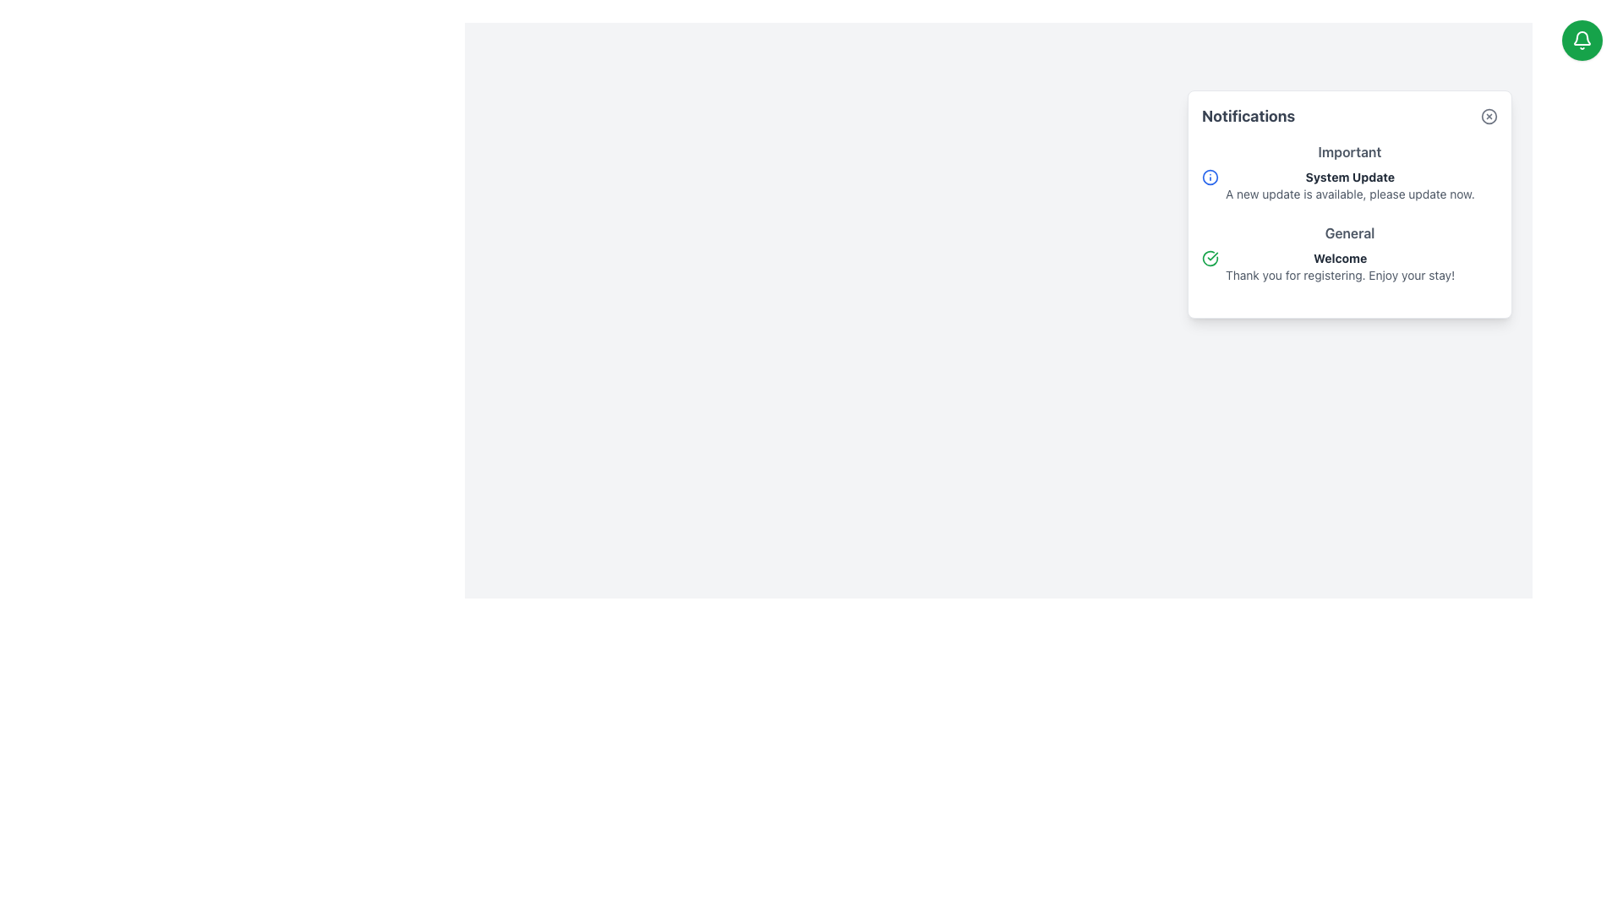  What do you see at coordinates (1339, 258) in the screenshot?
I see `the 'Welcome' text label located in the 'General' section of the notification card, which is styled in bold, small dark gray font and positioned above the phrase 'Thank you for registering.'` at bounding box center [1339, 258].